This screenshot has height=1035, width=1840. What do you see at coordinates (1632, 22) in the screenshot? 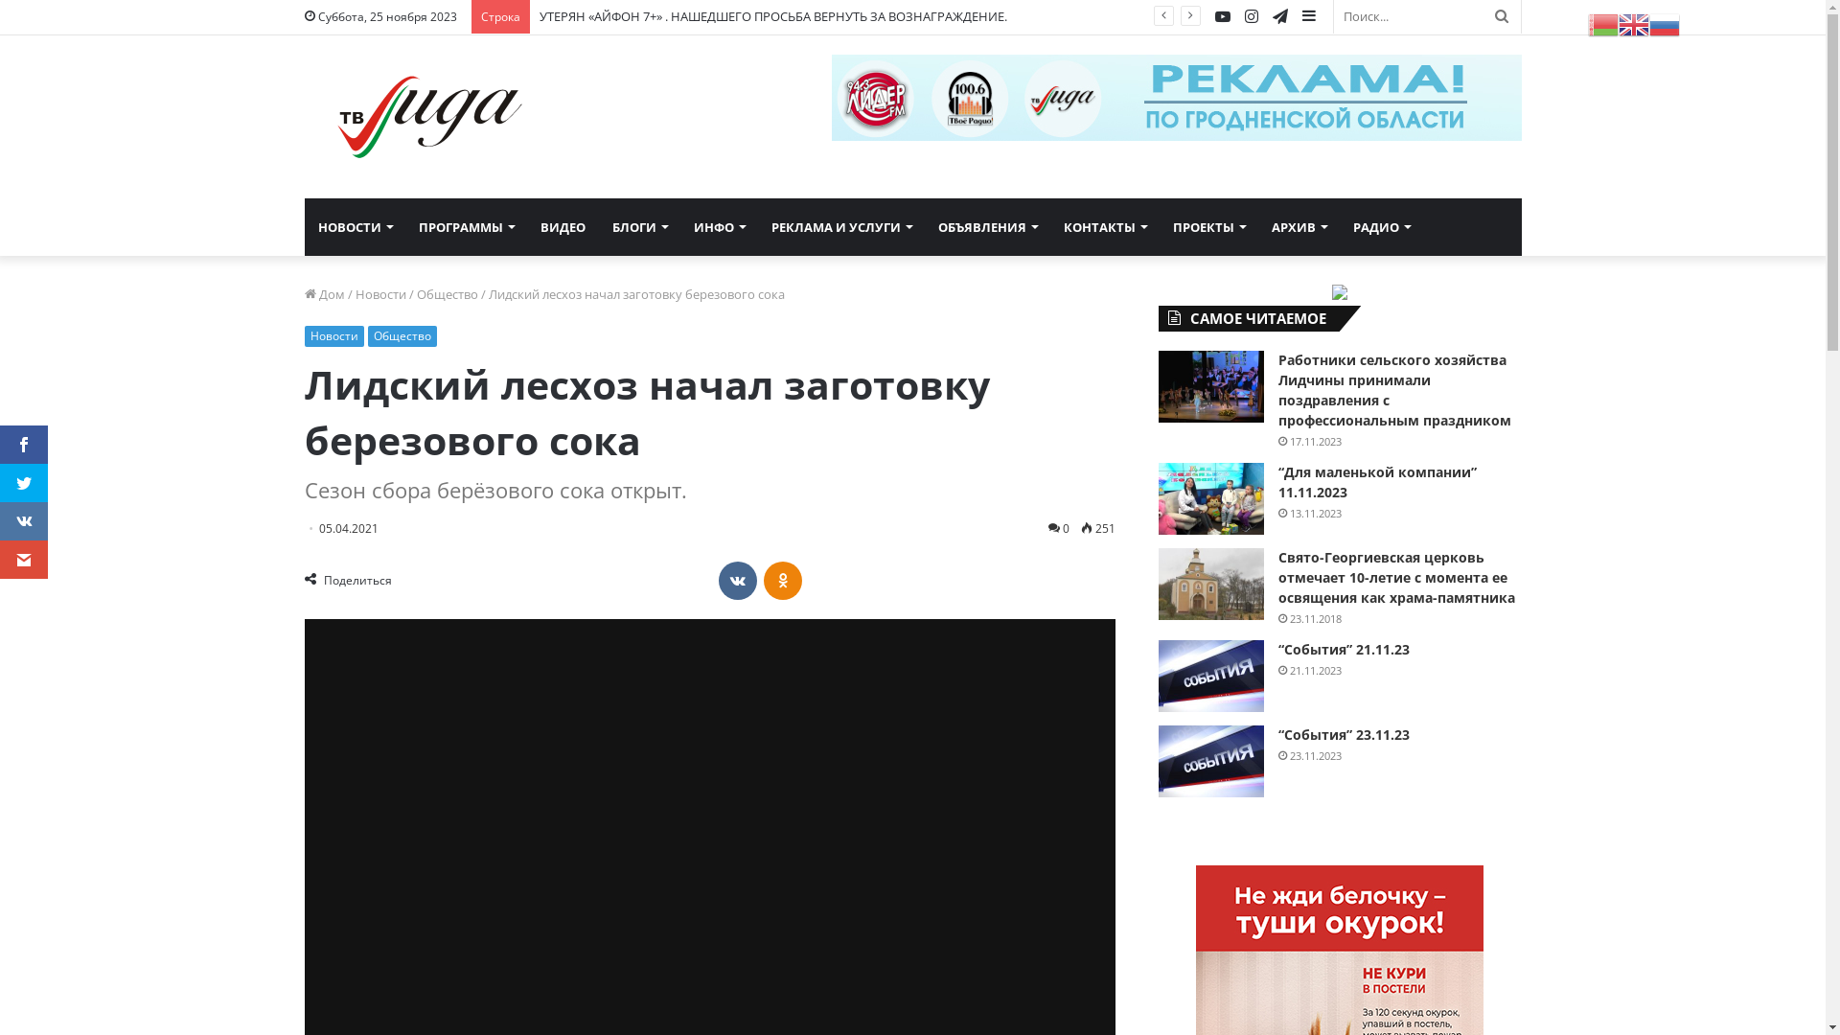
I see `'English'` at bounding box center [1632, 22].